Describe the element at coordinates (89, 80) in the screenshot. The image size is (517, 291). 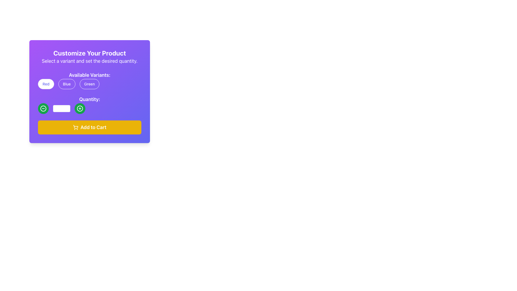
I see `the Option Selector button located within the 'Available Variants:' section on the gradient purple card titled 'Customize Your Product'` at that location.